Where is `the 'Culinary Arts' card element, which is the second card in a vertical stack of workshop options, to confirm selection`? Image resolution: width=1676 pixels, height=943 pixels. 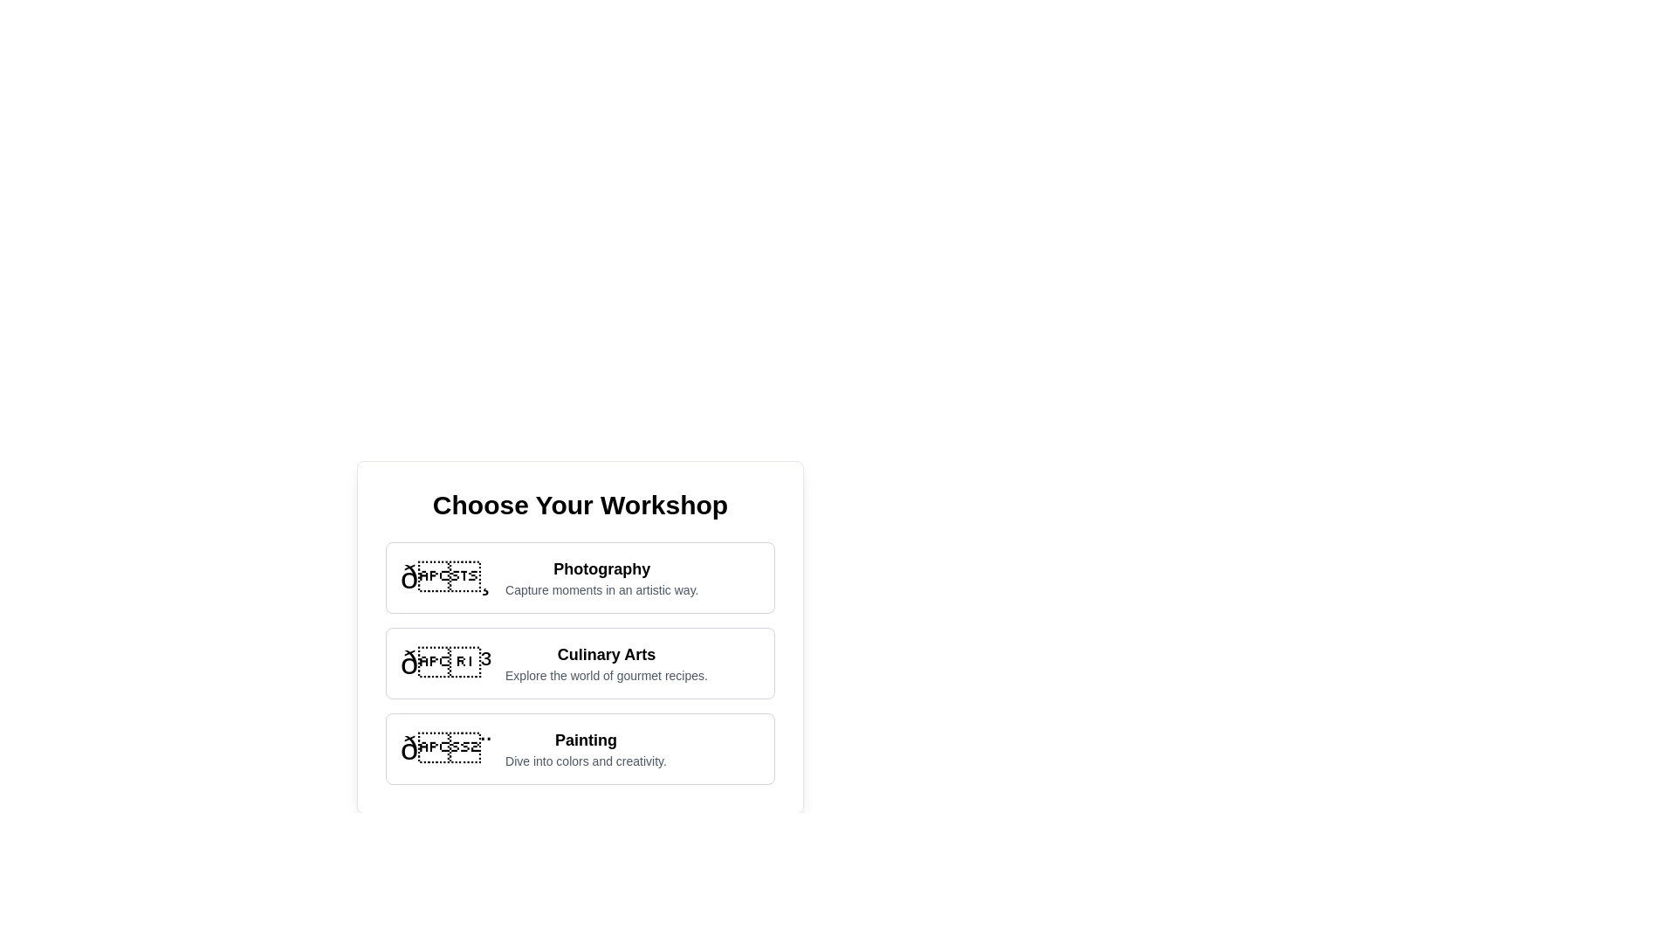
the 'Culinary Arts' card element, which is the second card in a vertical stack of workshop options, to confirm selection is located at coordinates (580, 637).